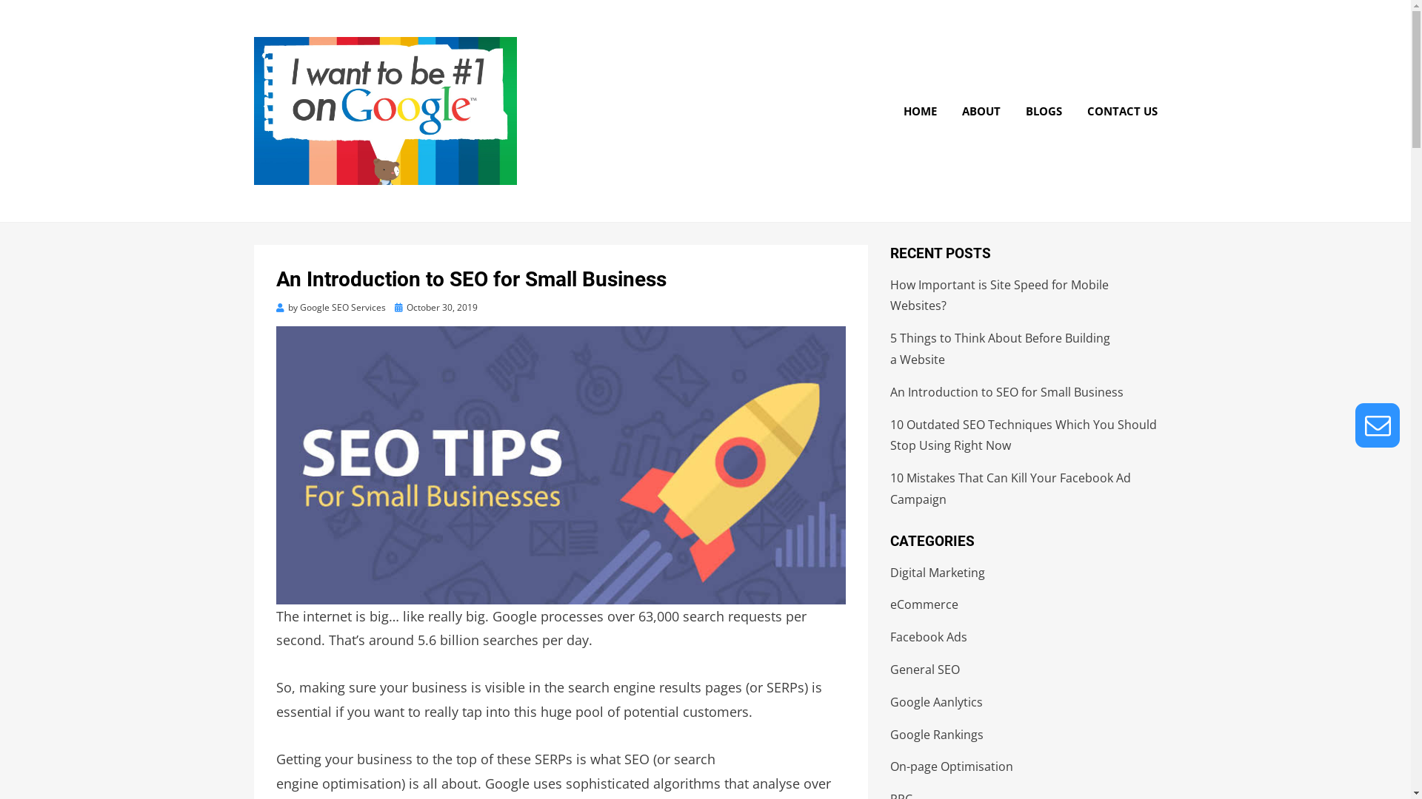 The width and height of the screenshot is (1422, 799). What do you see at coordinates (927, 636) in the screenshot?
I see `'Facebook Ads'` at bounding box center [927, 636].